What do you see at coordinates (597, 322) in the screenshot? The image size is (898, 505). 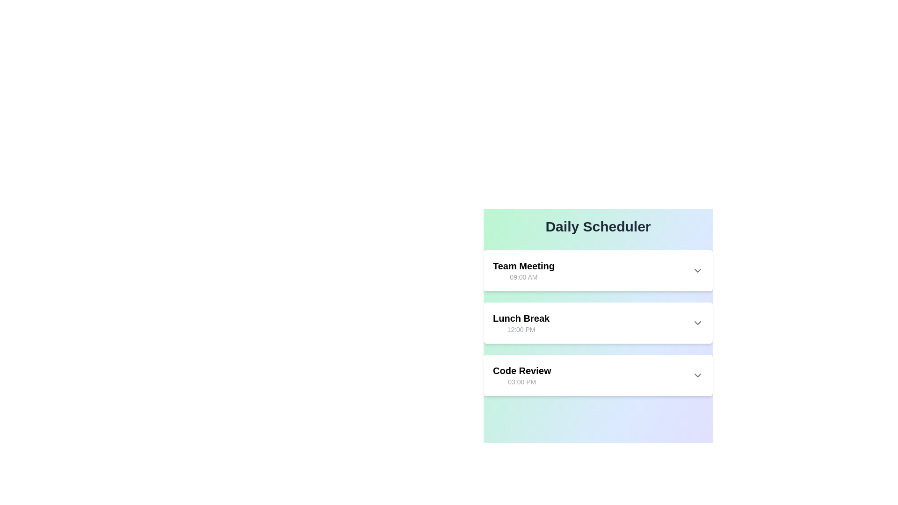 I see `the 'Lunch Break' composite UI component, which includes the title in bold and a dropdown arrow` at bounding box center [597, 322].